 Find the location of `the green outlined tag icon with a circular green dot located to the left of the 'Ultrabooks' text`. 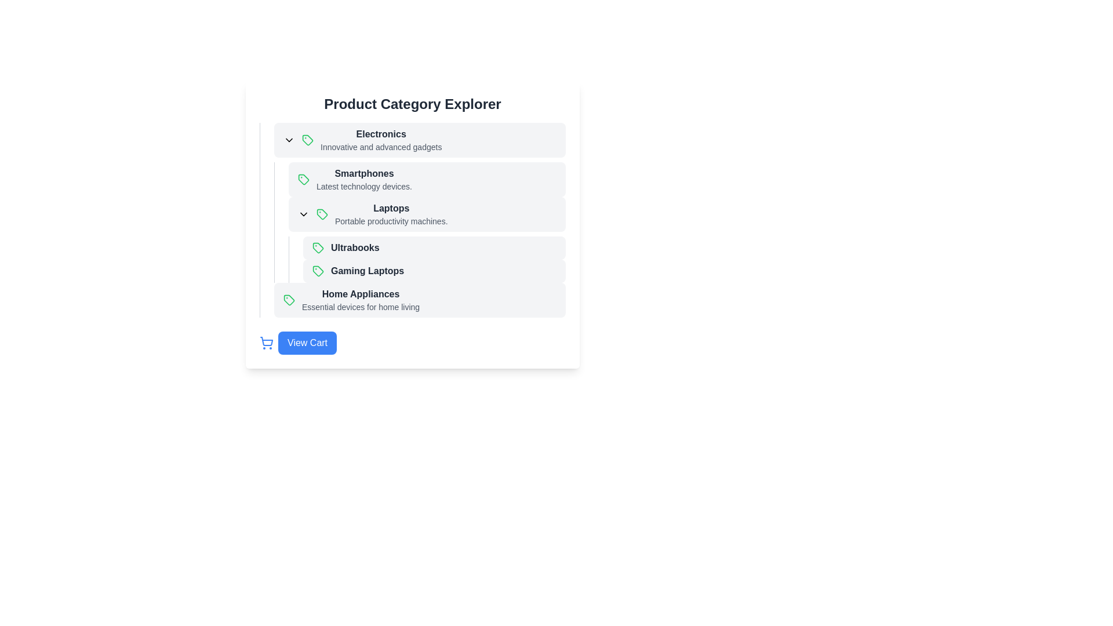

the green outlined tag icon with a circular green dot located to the left of the 'Ultrabooks' text is located at coordinates (318, 248).